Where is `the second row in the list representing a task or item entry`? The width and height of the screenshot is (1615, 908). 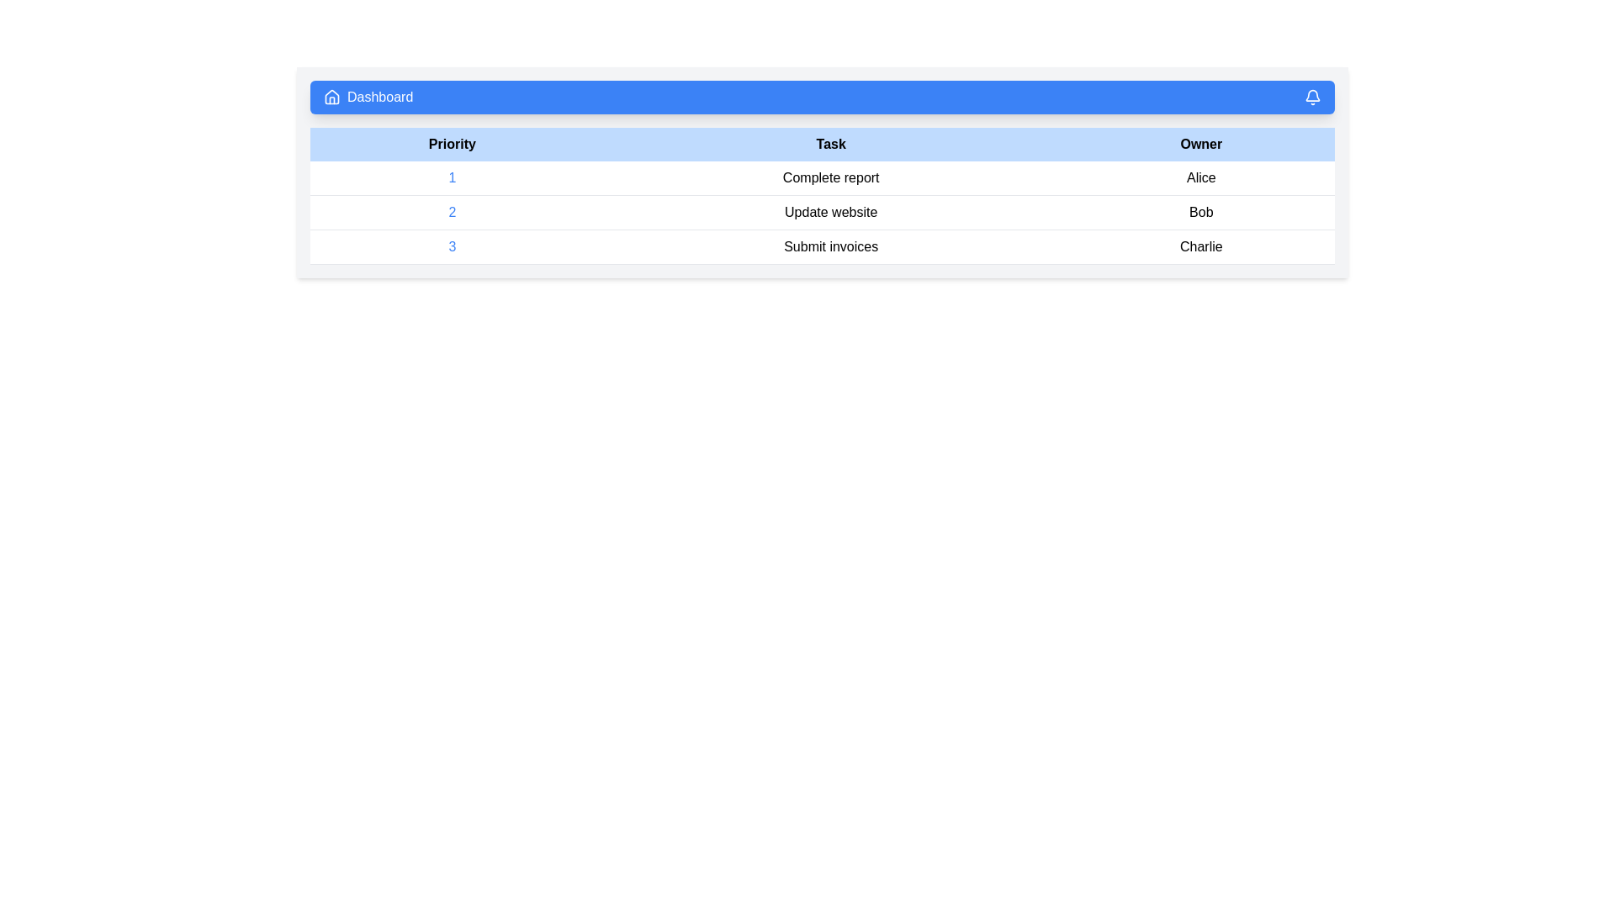
the second row in the list representing a task or item entry is located at coordinates (823, 212).